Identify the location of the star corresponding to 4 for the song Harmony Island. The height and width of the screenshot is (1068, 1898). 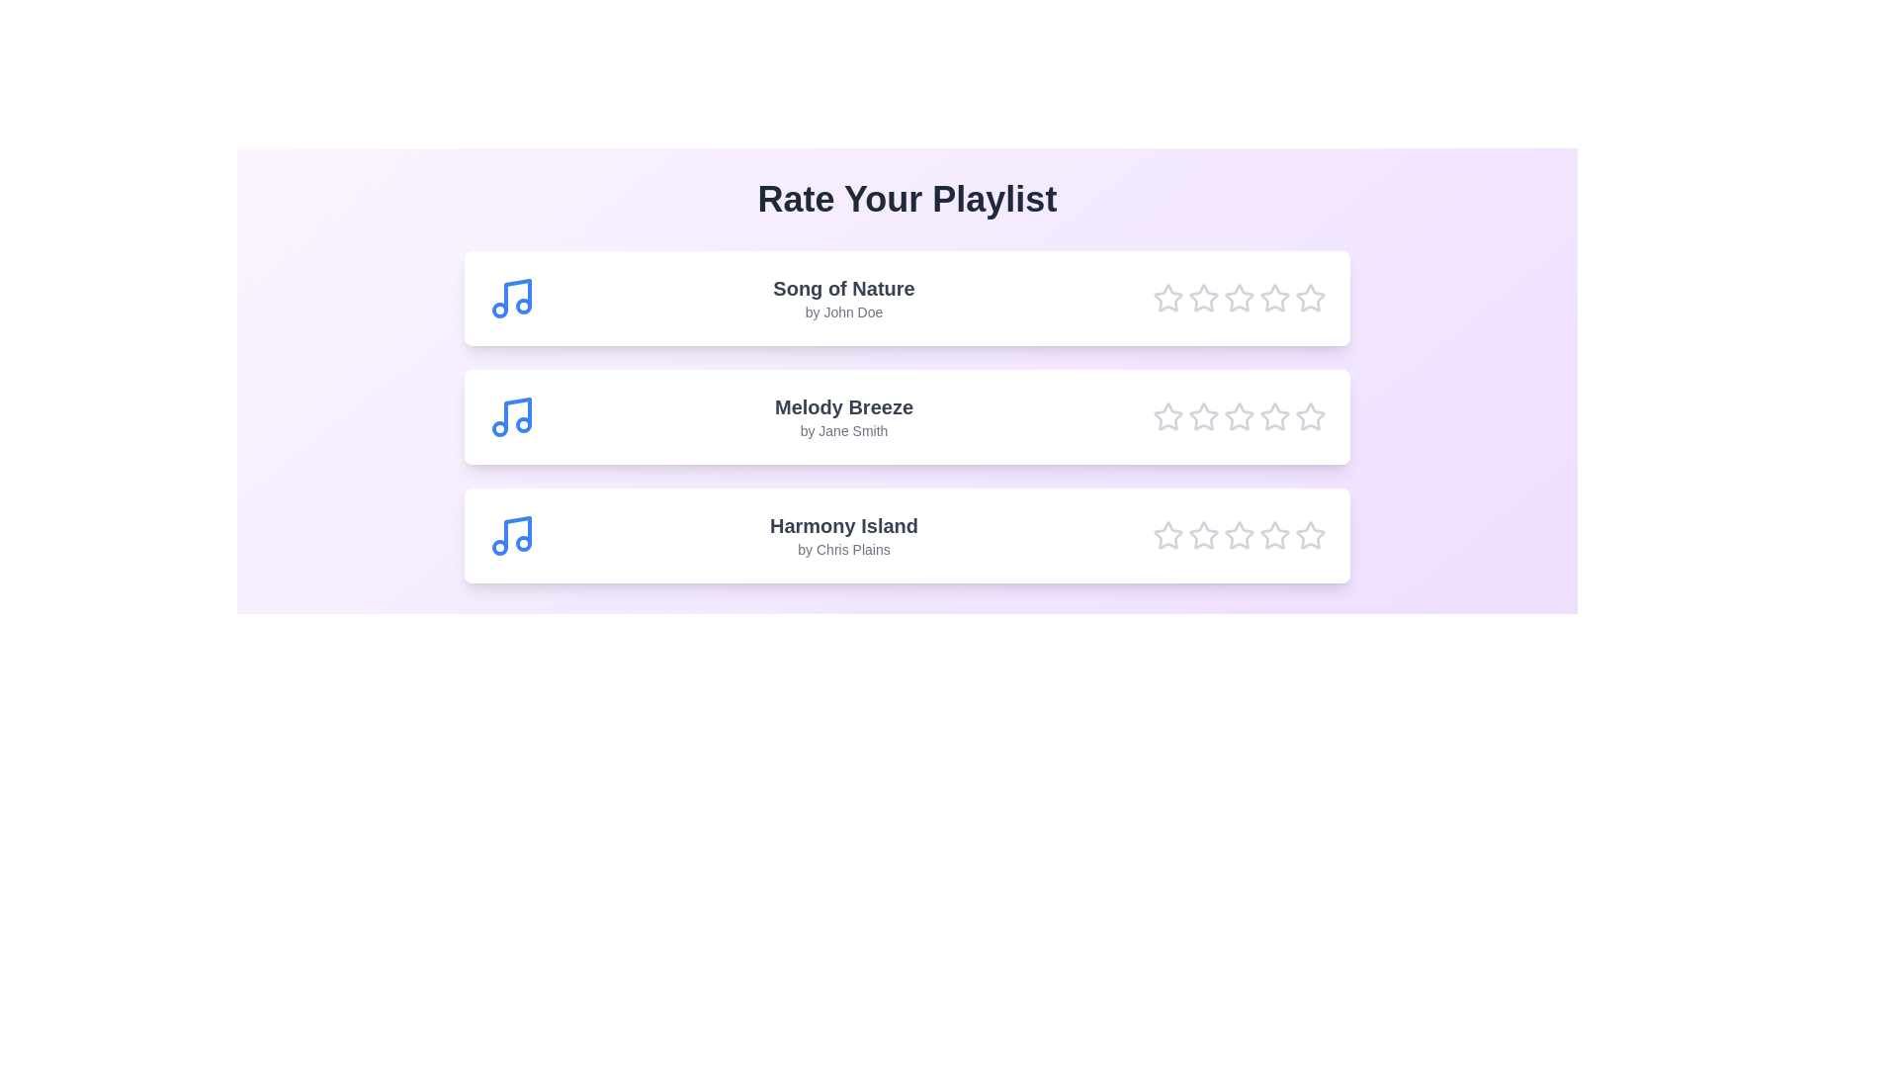
(1275, 536).